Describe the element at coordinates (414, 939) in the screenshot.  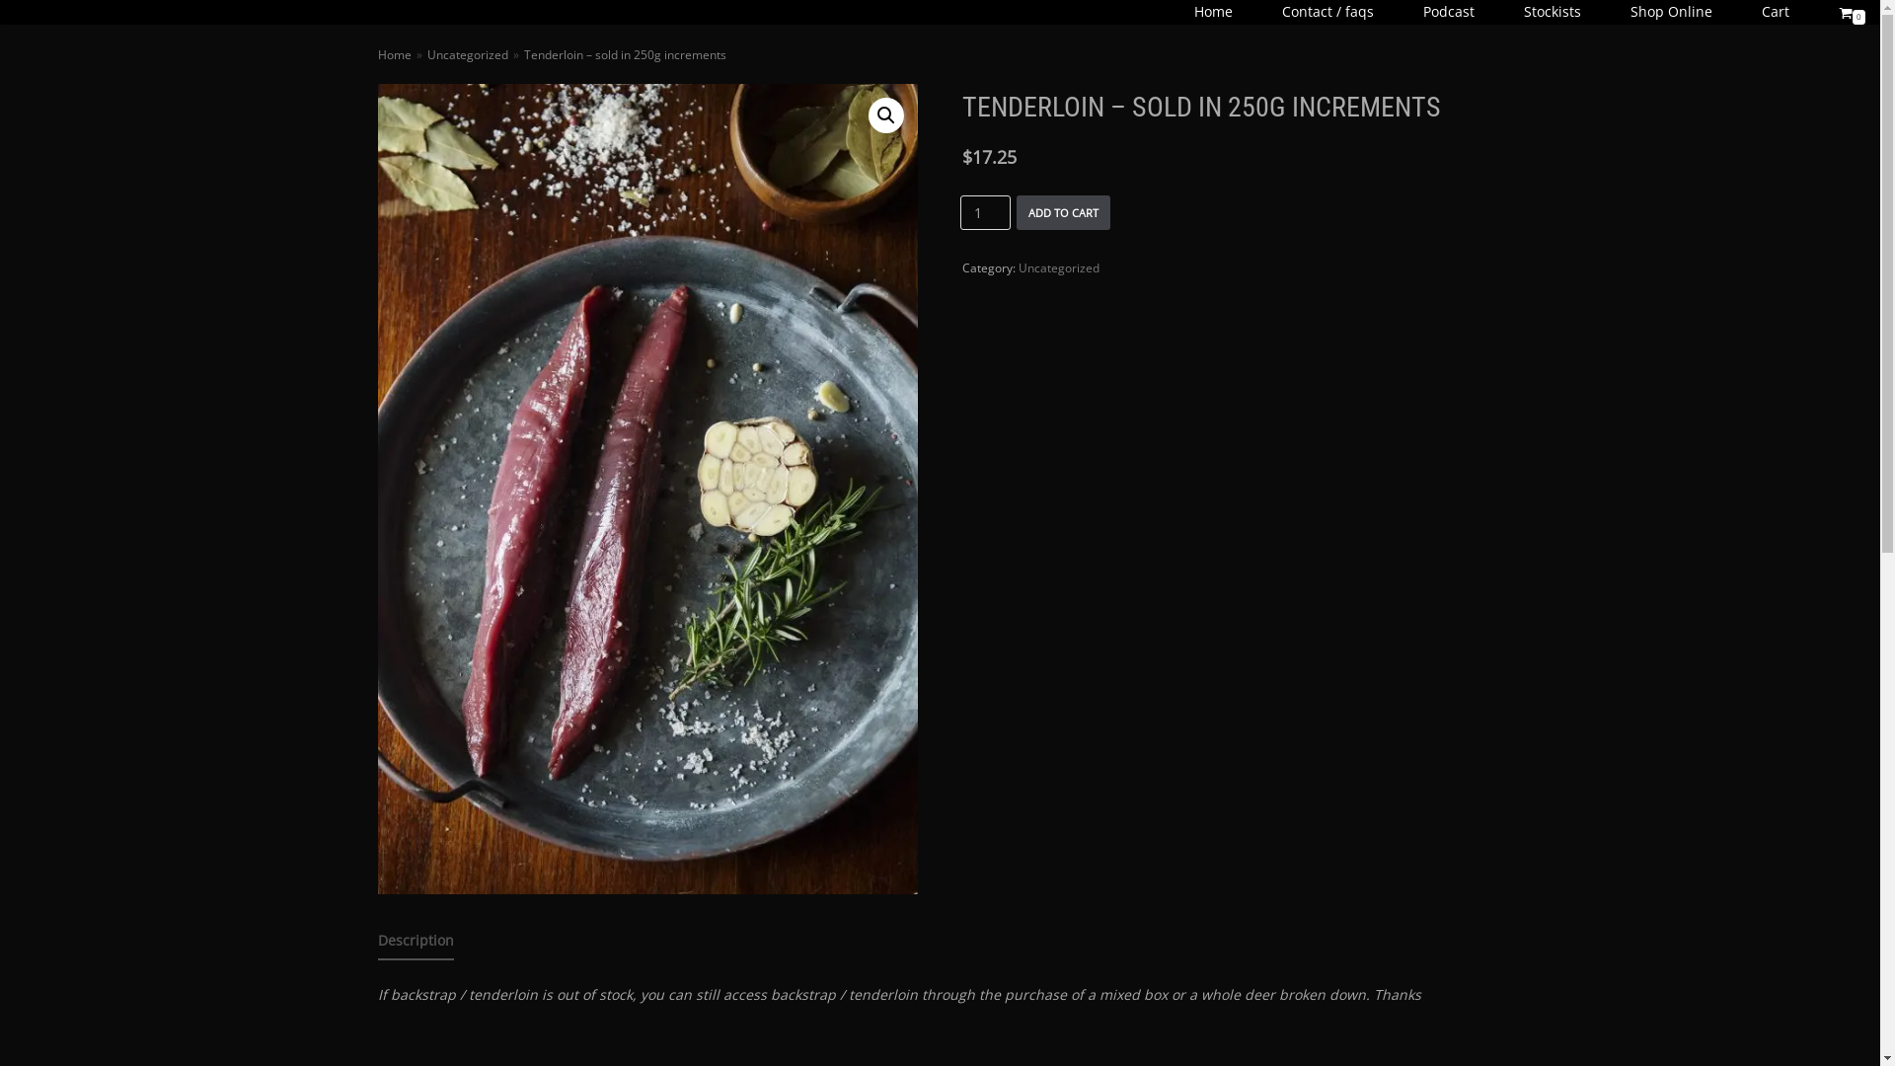
I see `'Description'` at that location.